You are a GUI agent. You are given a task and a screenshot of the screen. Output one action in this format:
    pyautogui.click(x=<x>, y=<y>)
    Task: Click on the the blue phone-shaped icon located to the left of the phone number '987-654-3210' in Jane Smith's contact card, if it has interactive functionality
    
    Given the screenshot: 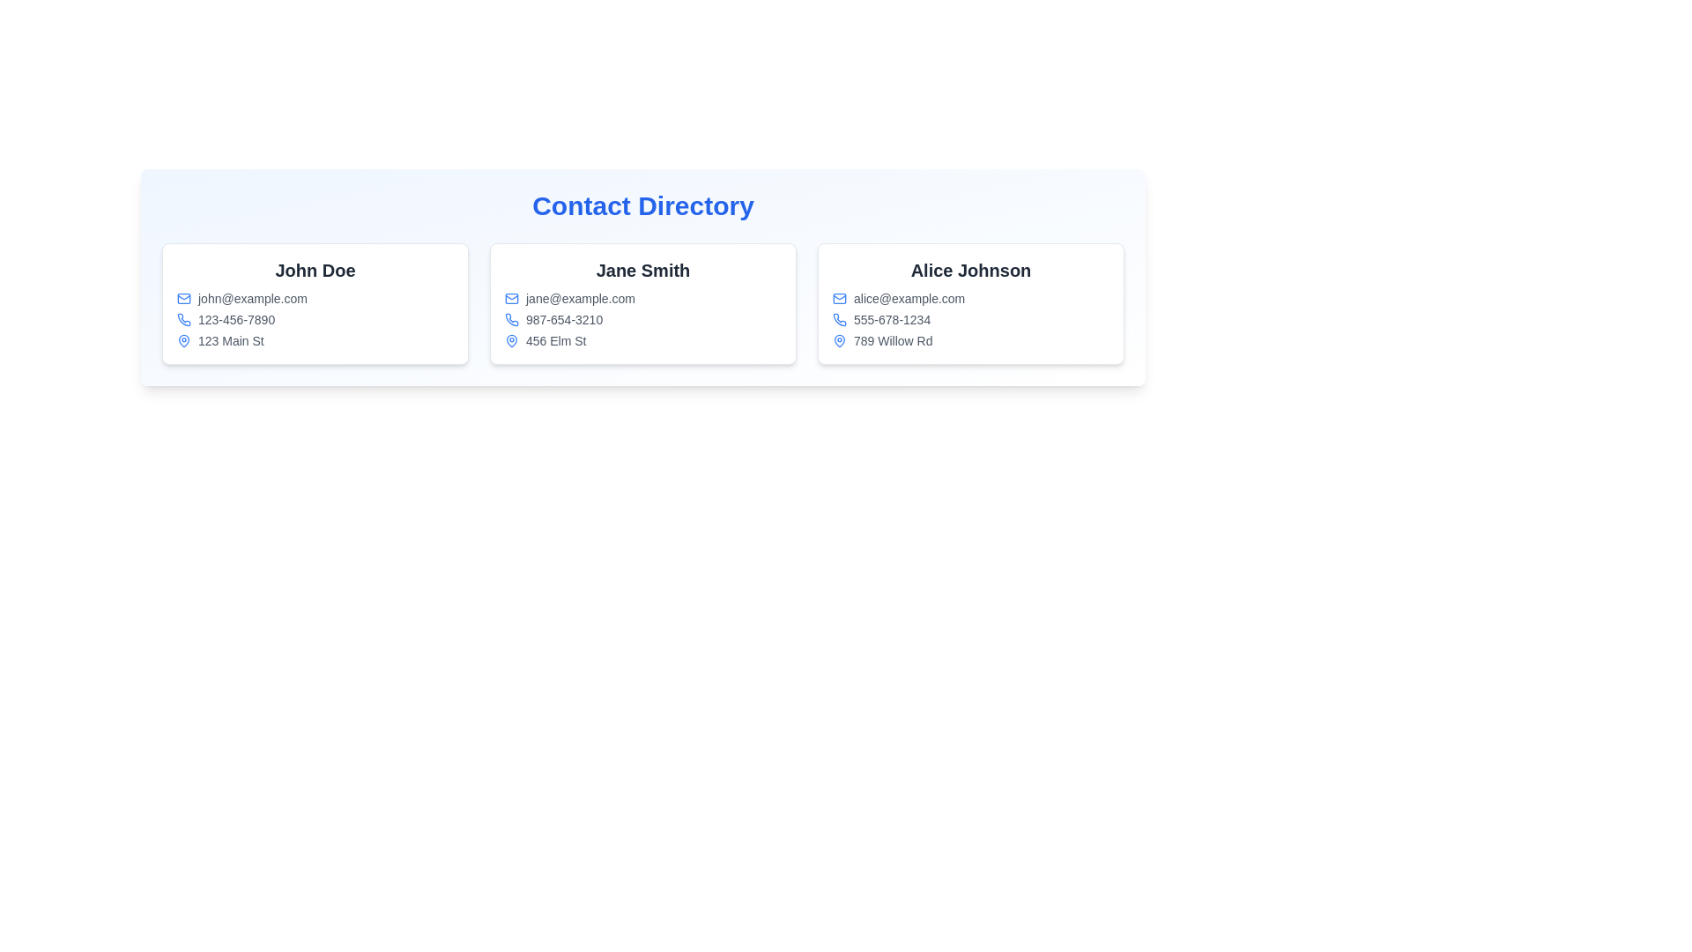 What is the action you would take?
    pyautogui.click(x=510, y=319)
    